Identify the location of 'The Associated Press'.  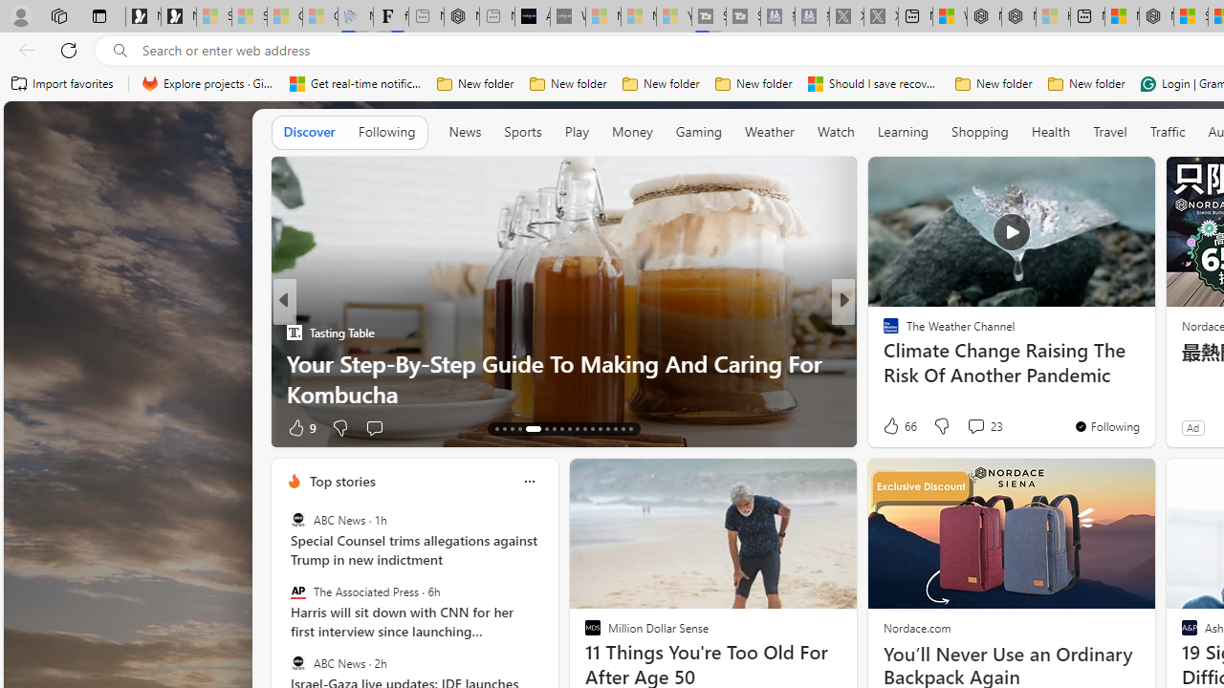
(296, 591).